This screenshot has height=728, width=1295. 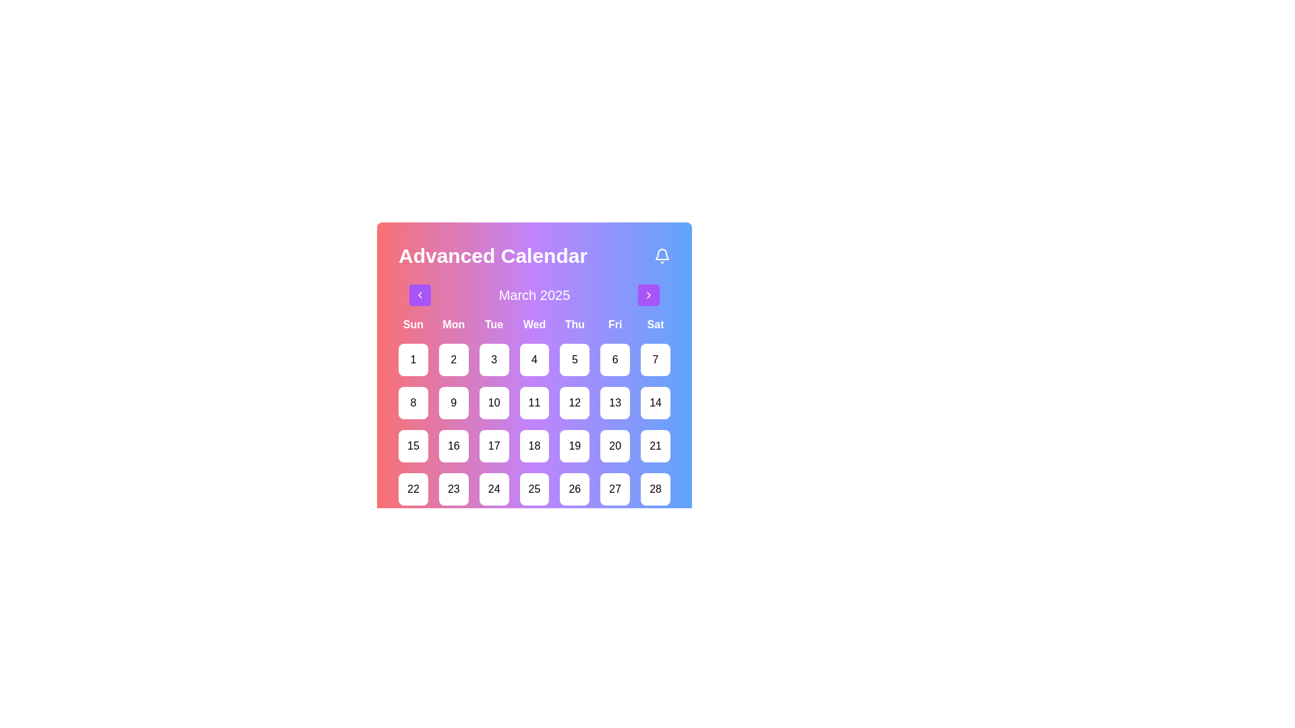 What do you see at coordinates (453, 446) in the screenshot?
I see `the square button with rounded corners displaying the number '16' in the fourth row and second column of the calendar grid` at bounding box center [453, 446].